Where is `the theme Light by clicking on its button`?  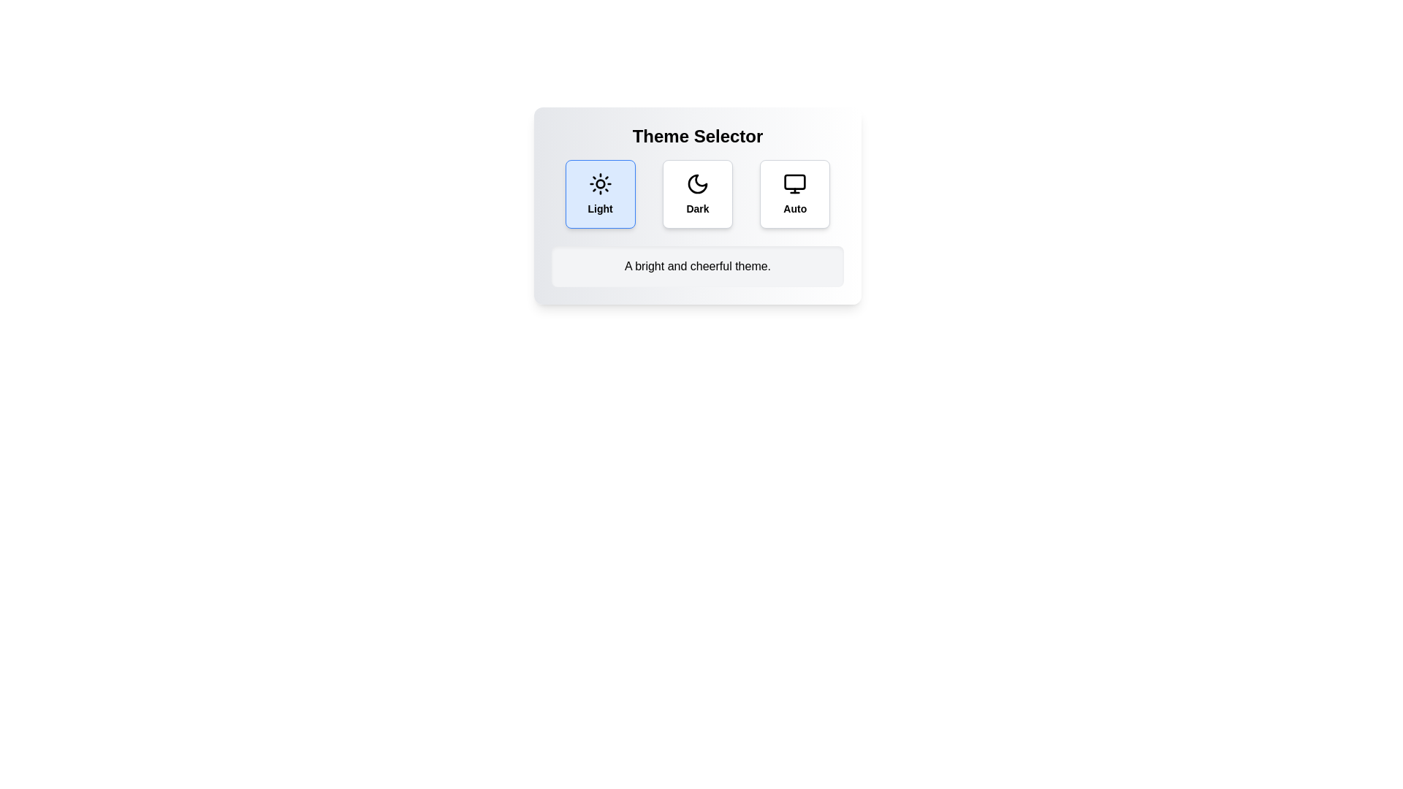 the theme Light by clicking on its button is located at coordinates (600, 194).